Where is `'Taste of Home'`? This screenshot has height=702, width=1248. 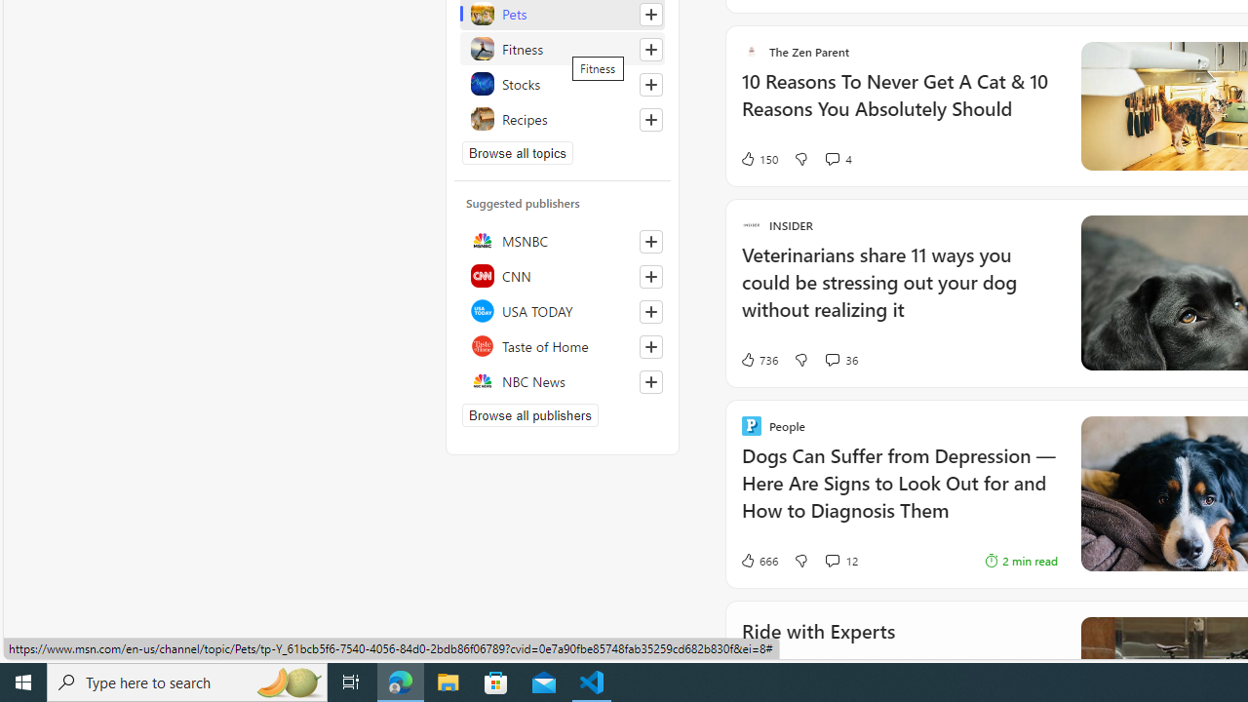
'Taste of Home' is located at coordinates (562, 344).